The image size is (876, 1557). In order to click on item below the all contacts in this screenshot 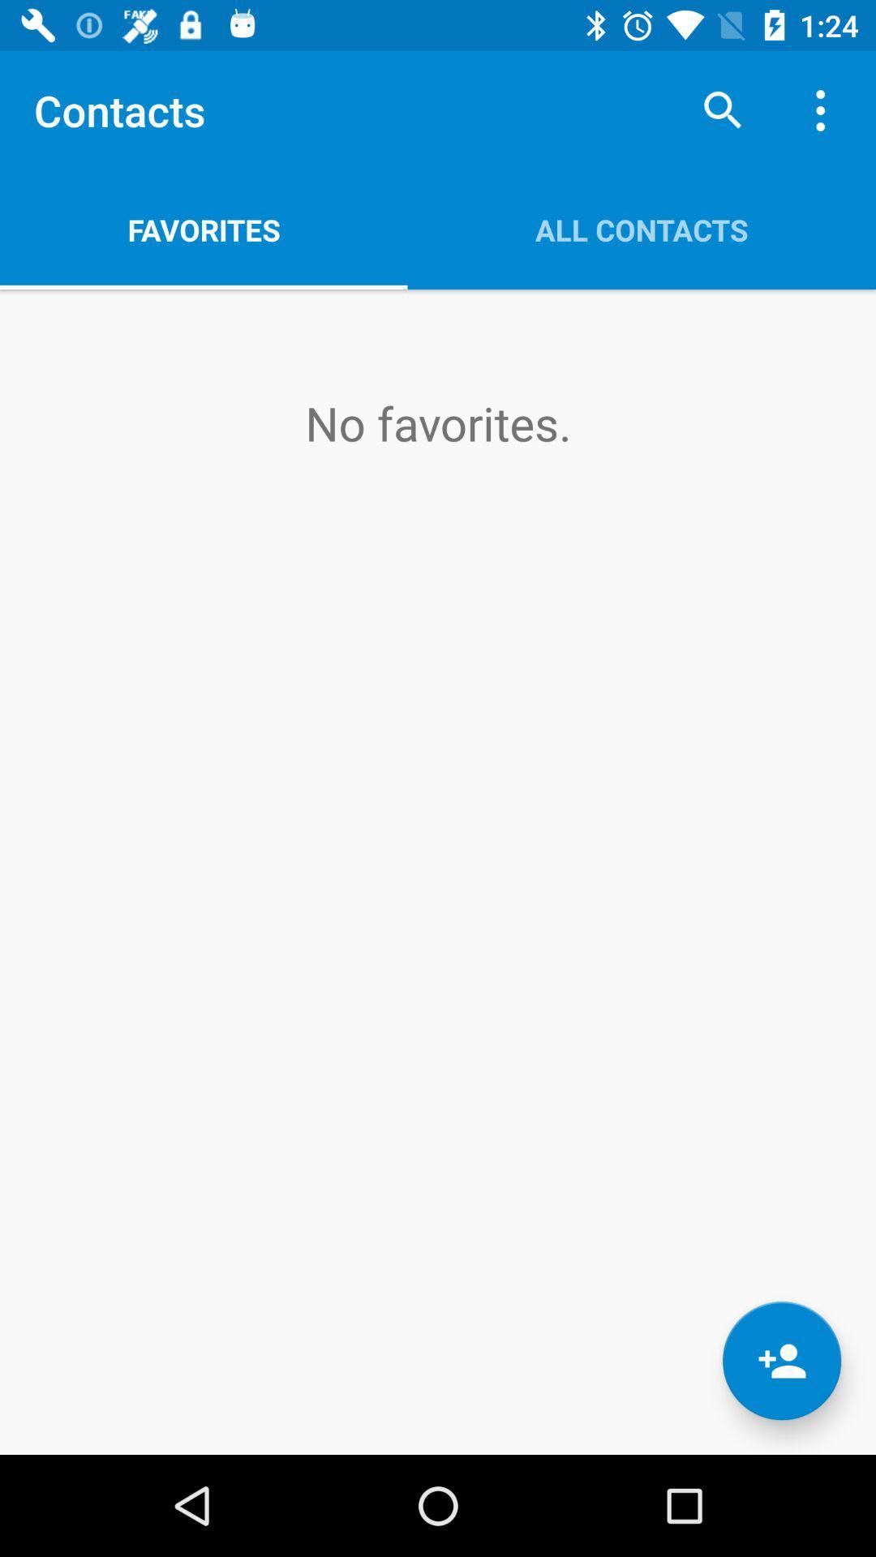, I will do `click(781, 1361)`.